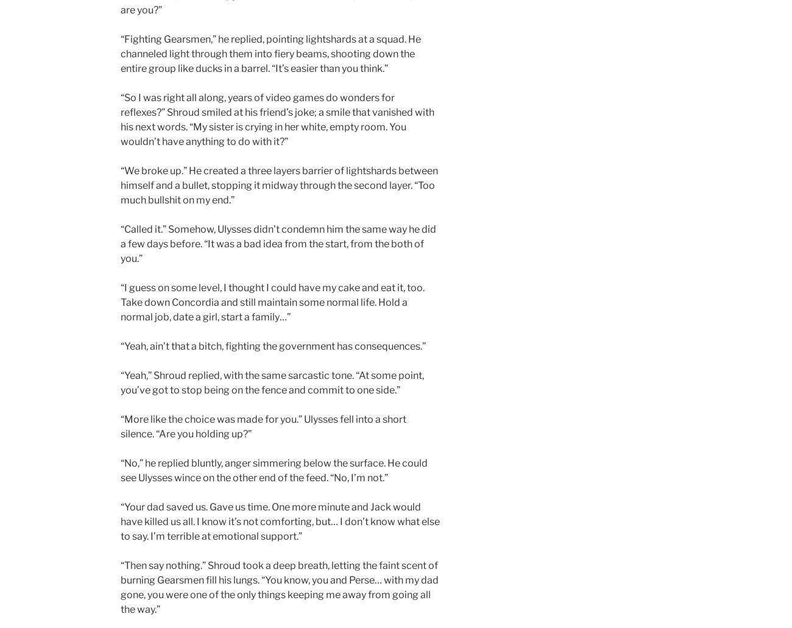  I want to click on '“Then say nothing.” Shroud took a deep breath, letting the faint scent of burning Gearsmen fill his lungs. “You know, you and Perse… with my dad gone, you were one of the only things keeping me away from going all the way.”', so click(279, 587).